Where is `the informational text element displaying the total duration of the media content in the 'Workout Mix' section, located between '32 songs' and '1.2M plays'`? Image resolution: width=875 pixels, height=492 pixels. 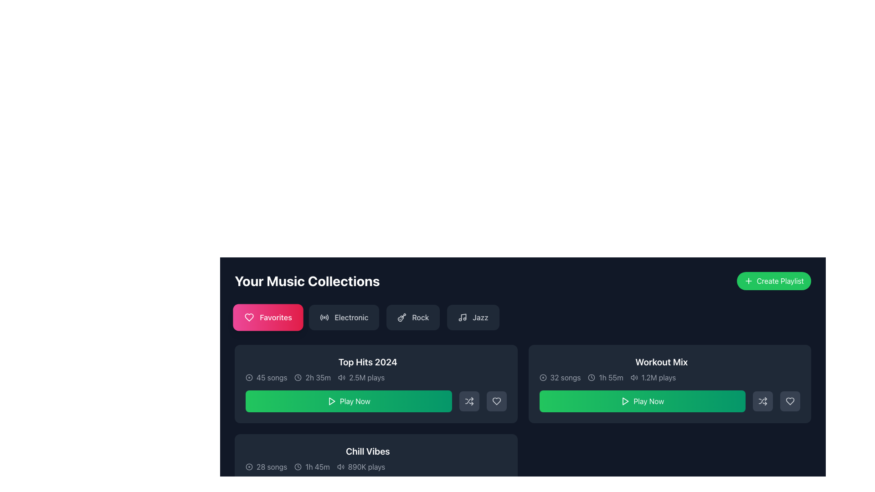
the informational text element displaying the total duration of the media content in the 'Workout Mix' section, located between '32 songs' and '1.2M plays' is located at coordinates (606, 378).